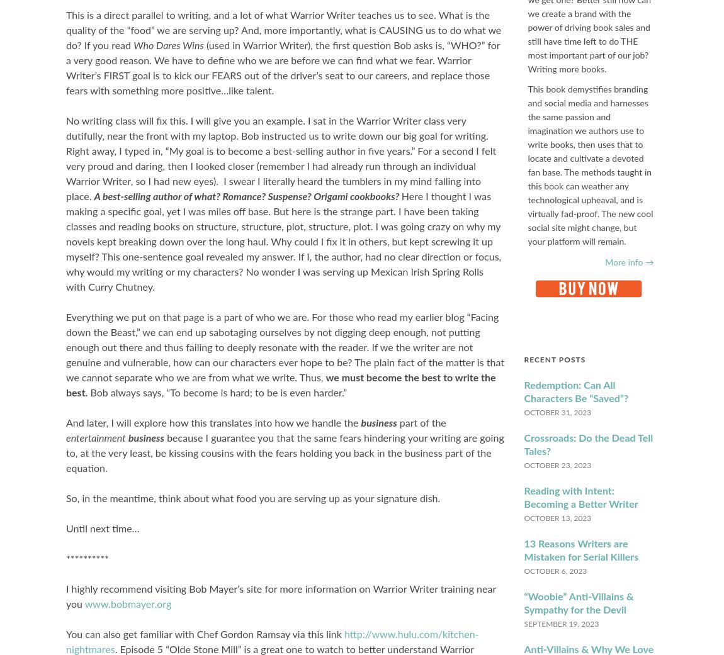 Image resolution: width=724 pixels, height=655 pixels. Describe the element at coordinates (578, 603) in the screenshot. I see `'“Woobie” Anti-Villains & Sympathy for the Devil'` at that location.